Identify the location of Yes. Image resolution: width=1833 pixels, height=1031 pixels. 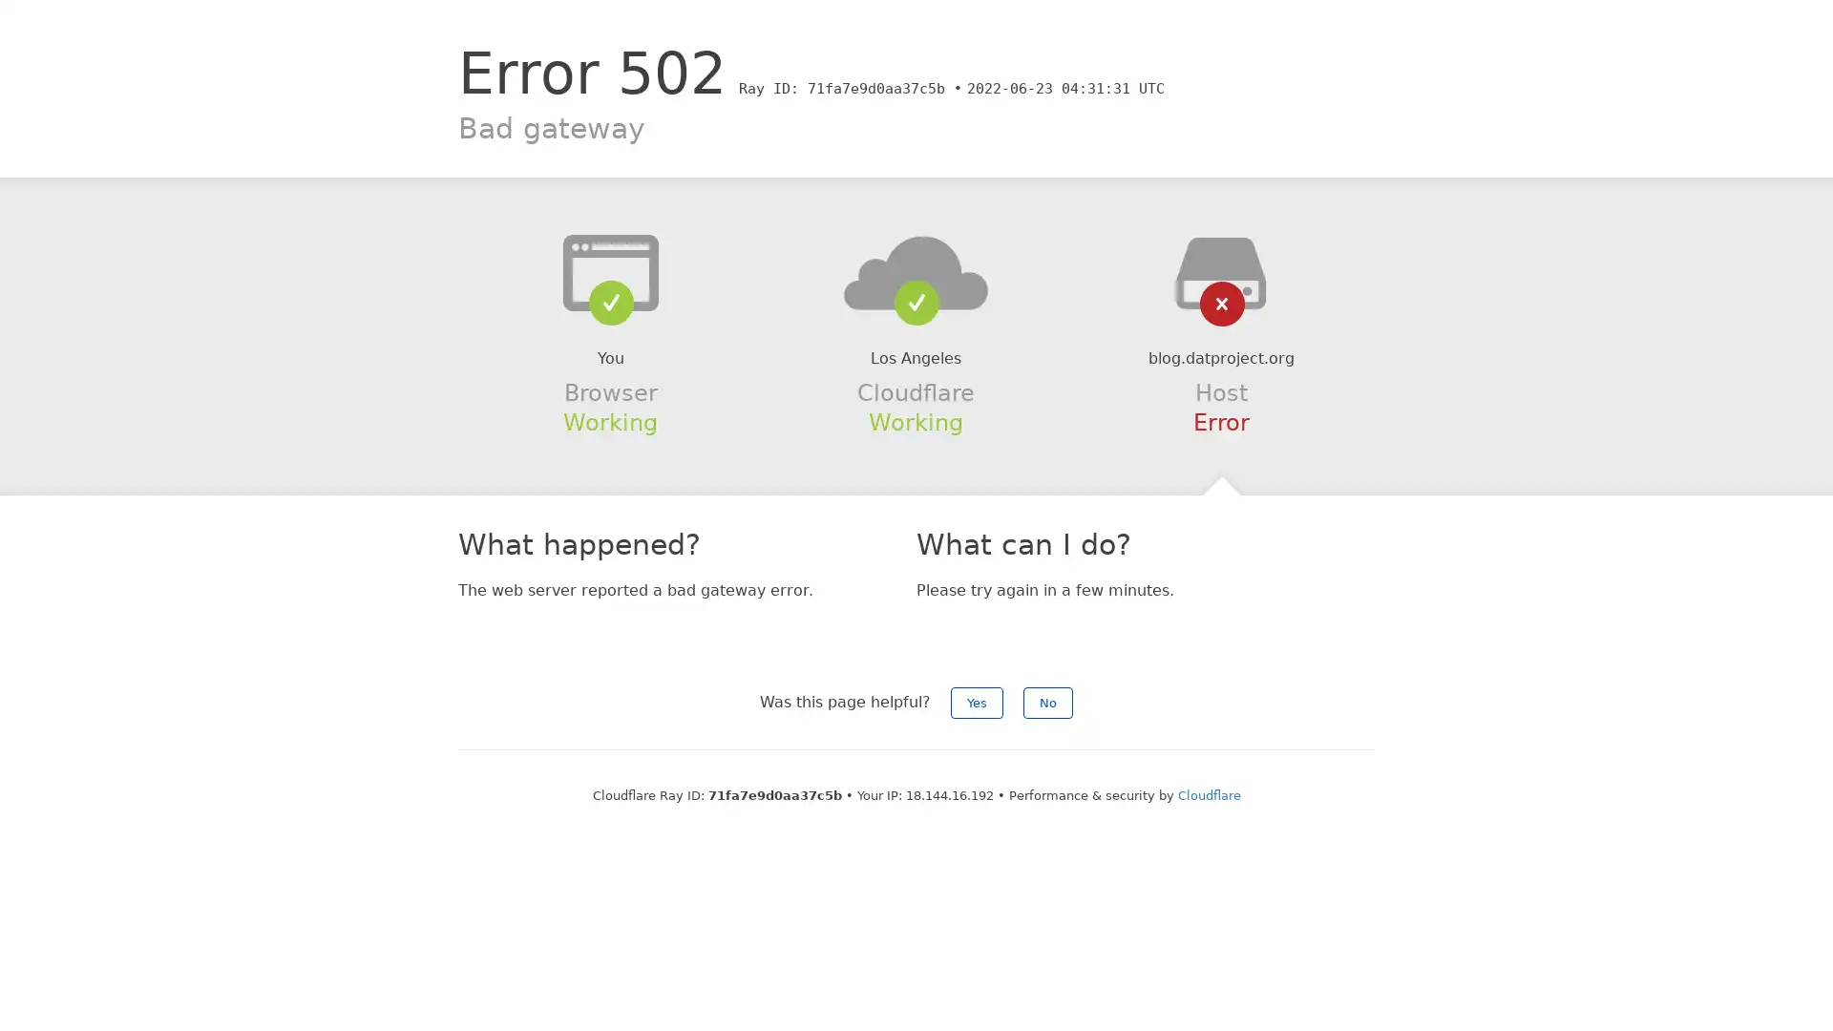
(977, 703).